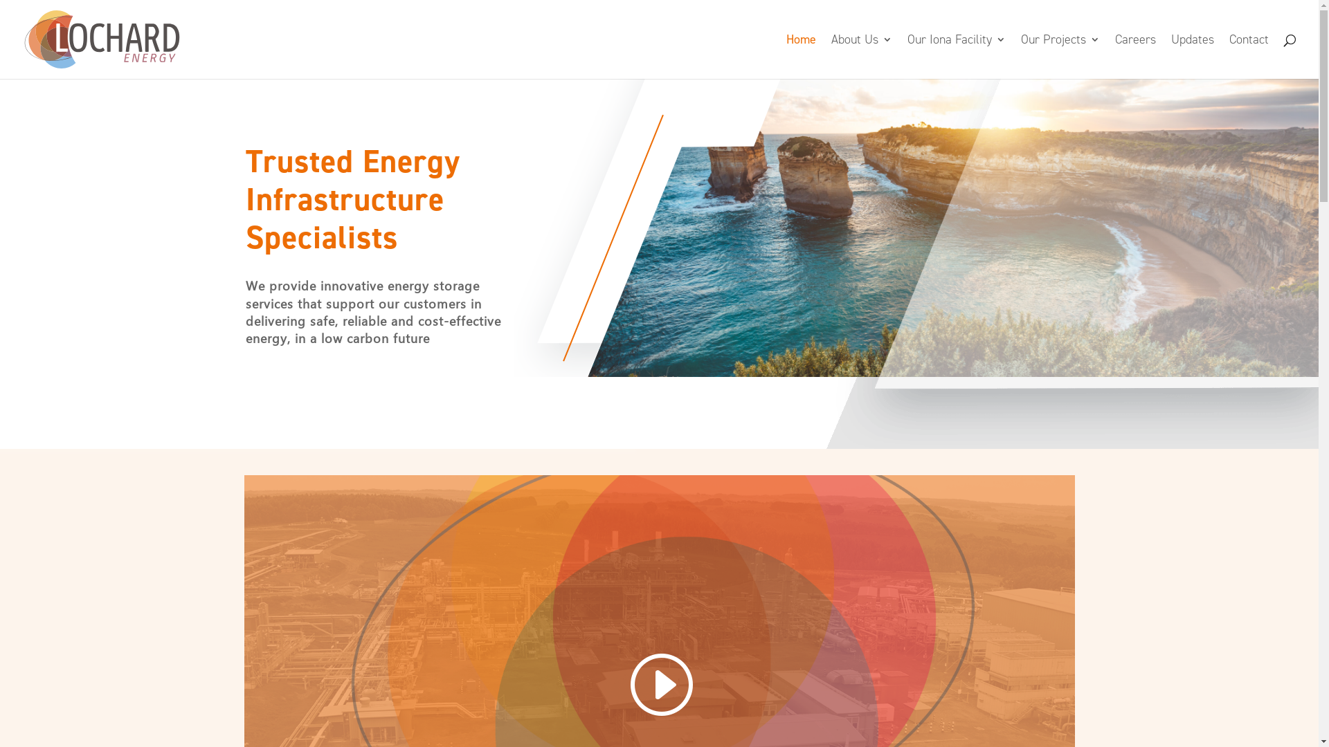  I want to click on 'Contact', so click(1249, 55).